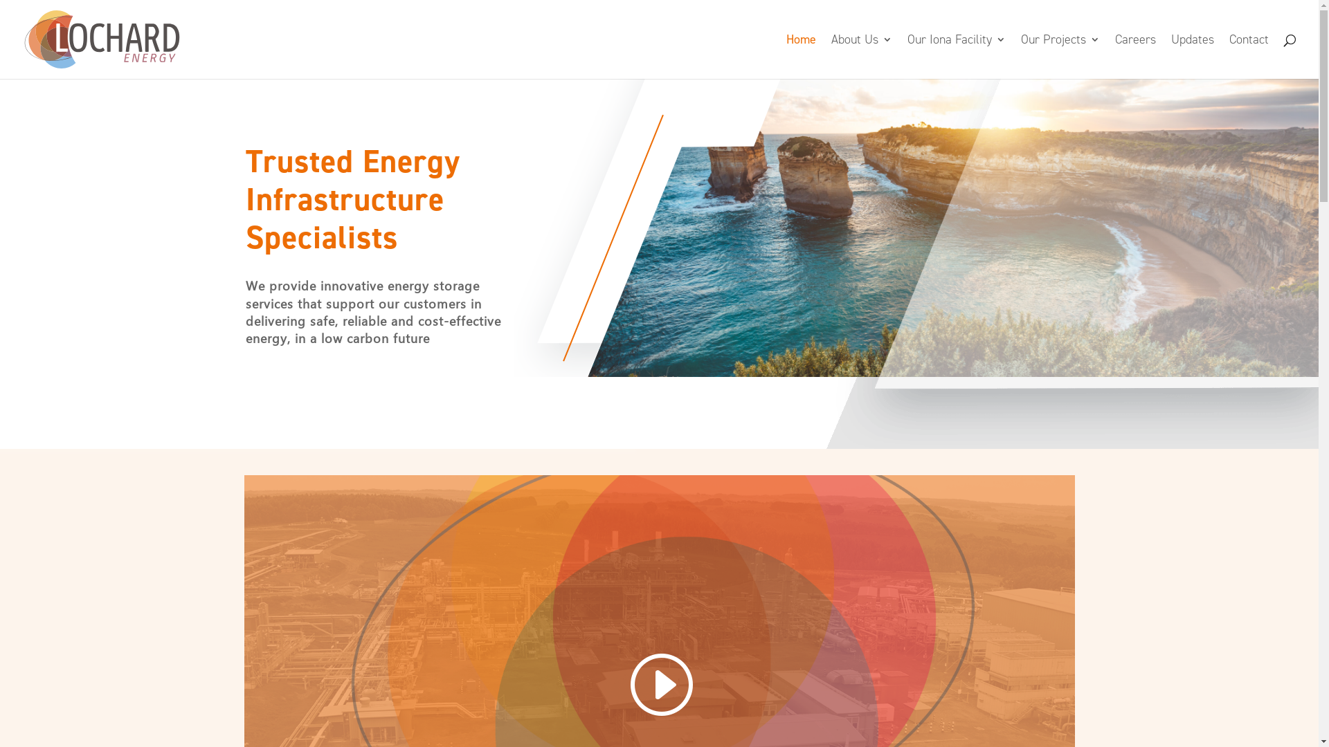  I want to click on 'Contact', so click(1249, 55).